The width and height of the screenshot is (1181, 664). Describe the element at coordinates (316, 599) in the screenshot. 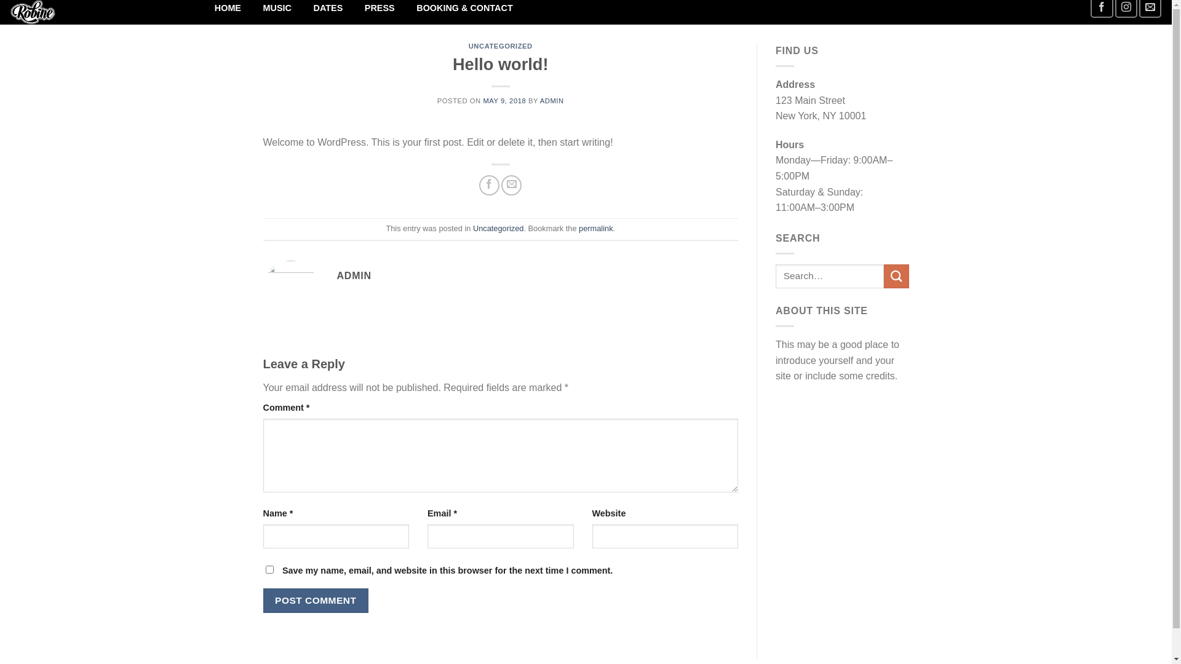

I see `'Post Comment'` at that location.